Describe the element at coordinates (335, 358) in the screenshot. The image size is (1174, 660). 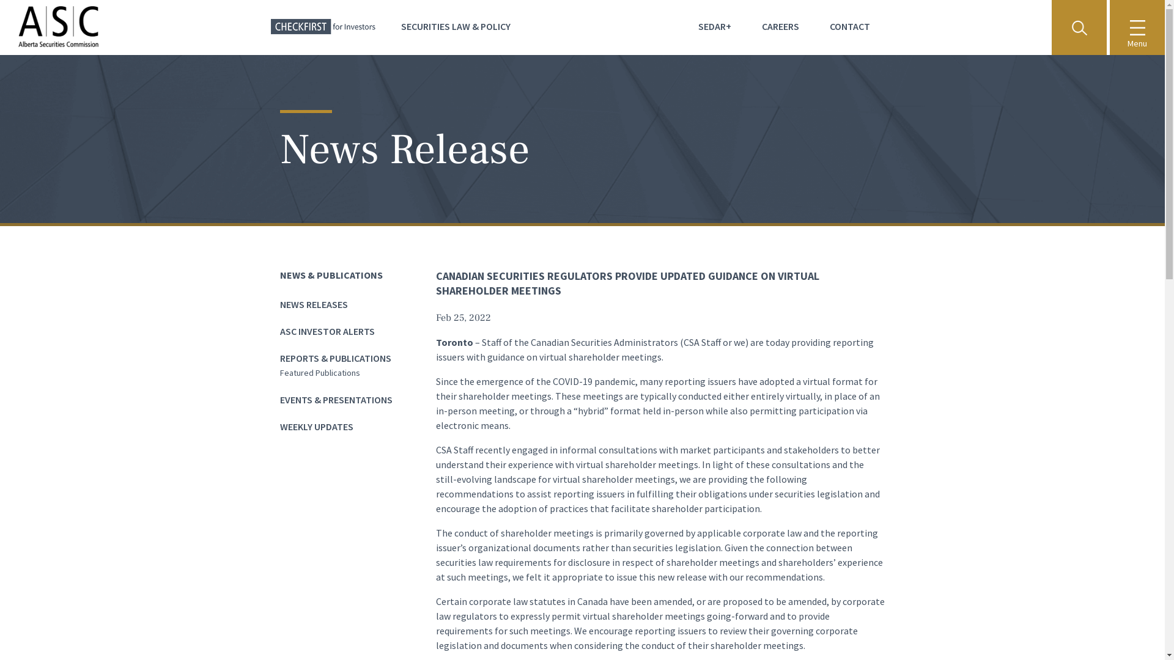
I see `'REPORTS & PUBLICATIONS'` at that location.